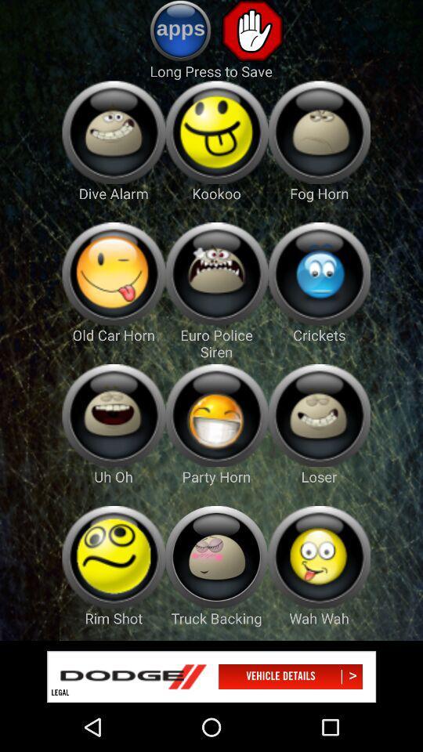 Image resolution: width=423 pixels, height=752 pixels. I want to click on option button, so click(215, 273).